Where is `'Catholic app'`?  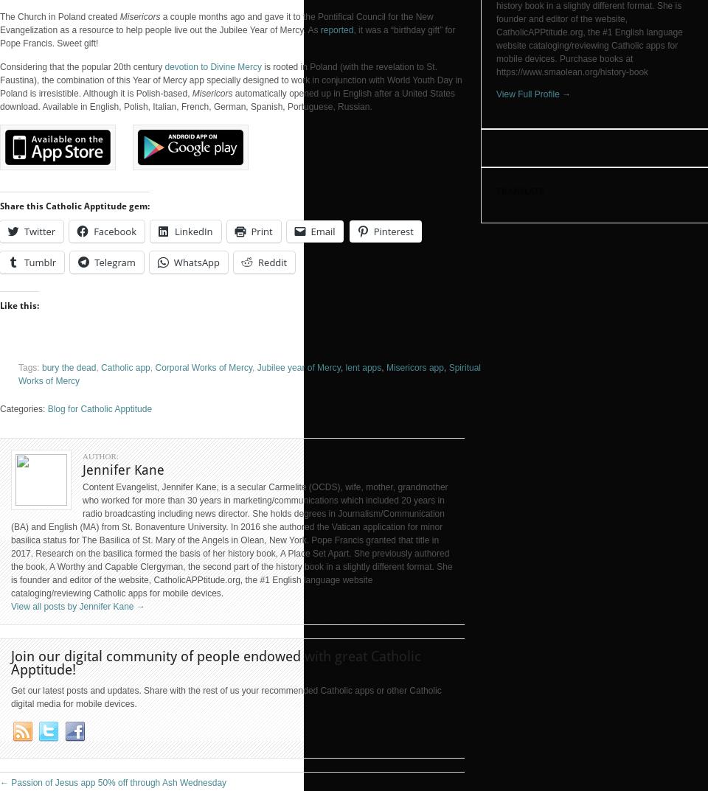 'Catholic app' is located at coordinates (100, 366).